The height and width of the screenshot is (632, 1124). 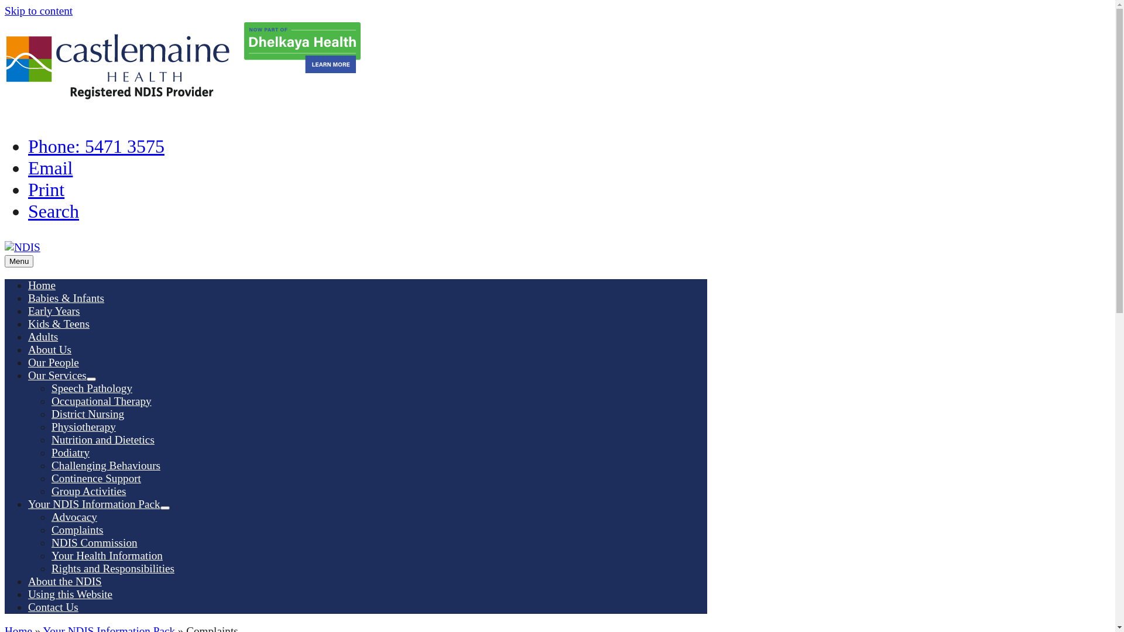 What do you see at coordinates (53, 211) in the screenshot?
I see `'Search'` at bounding box center [53, 211].